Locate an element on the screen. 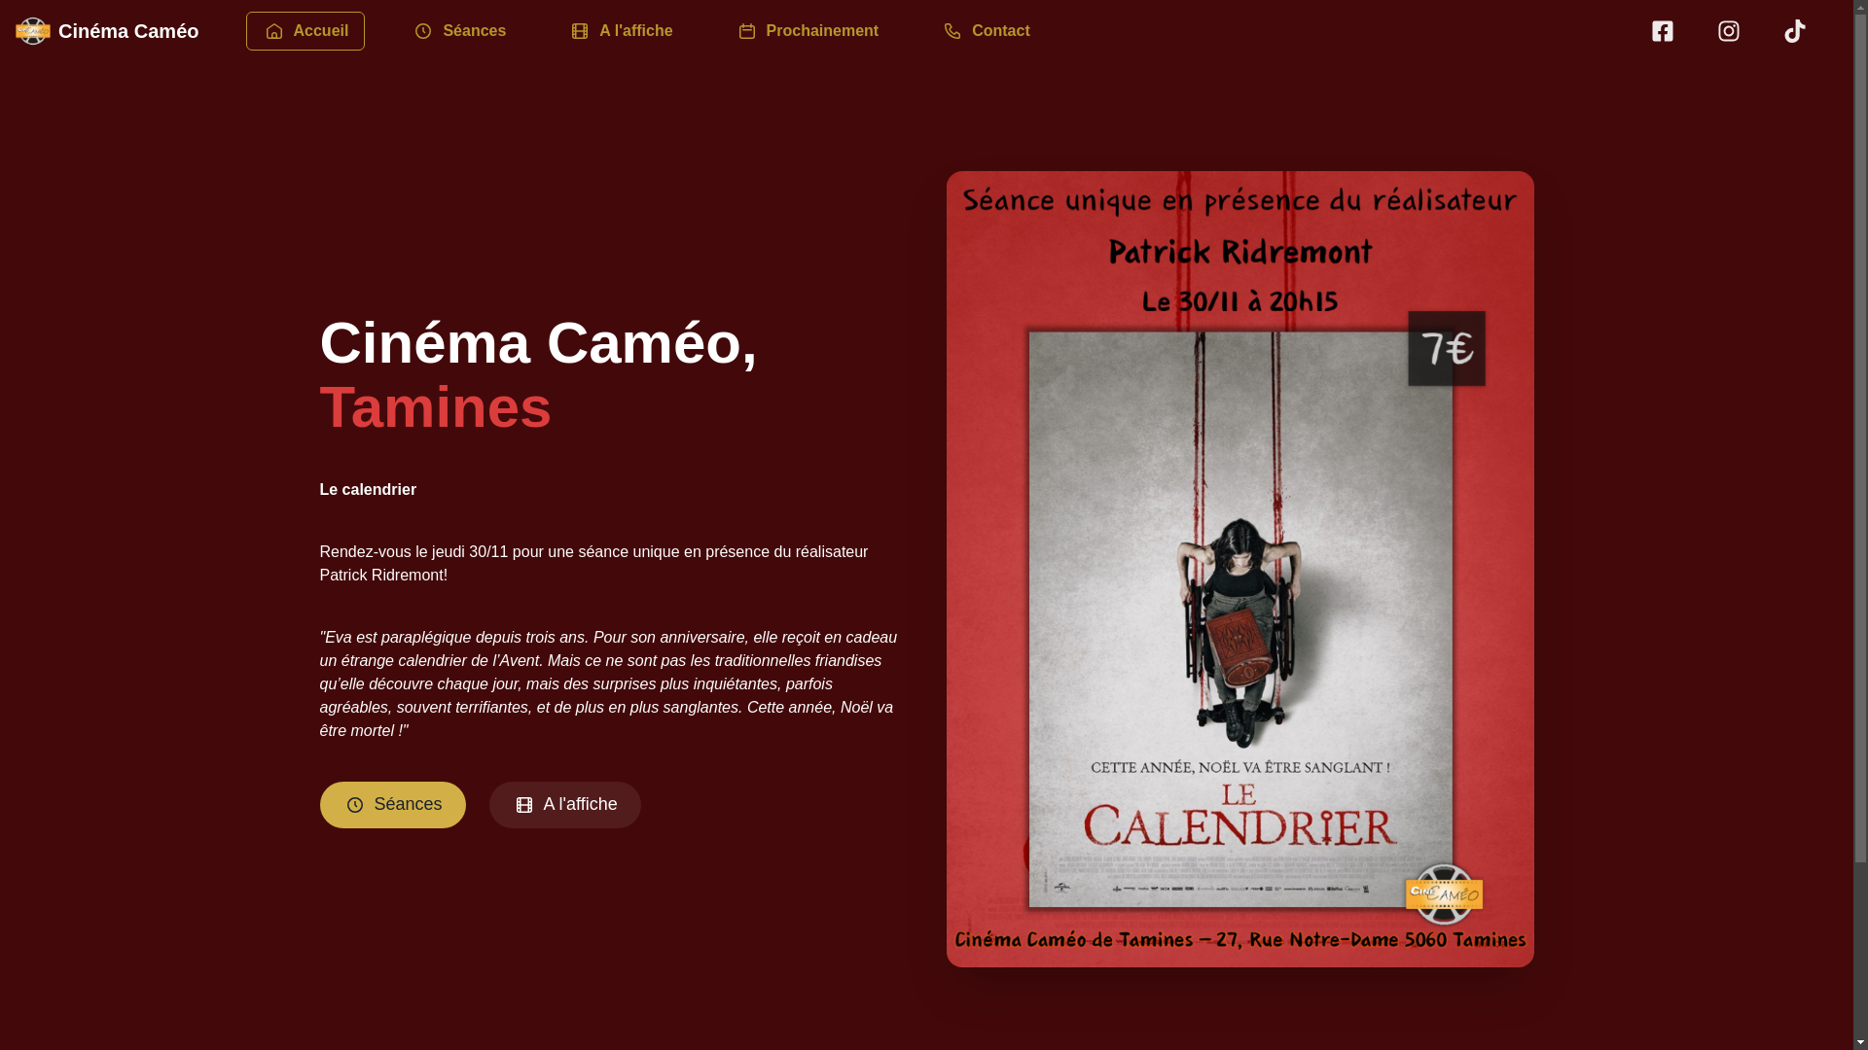 The width and height of the screenshot is (1868, 1050). 'Accueil' is located at coordinates (304, 29).